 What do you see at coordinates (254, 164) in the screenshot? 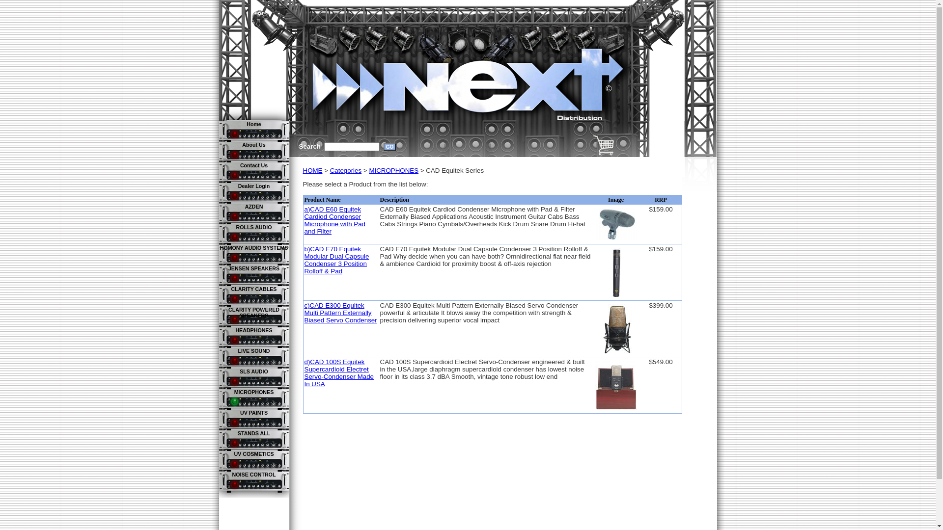
I see `'Contact Us'` at bounding box center [254, 164].